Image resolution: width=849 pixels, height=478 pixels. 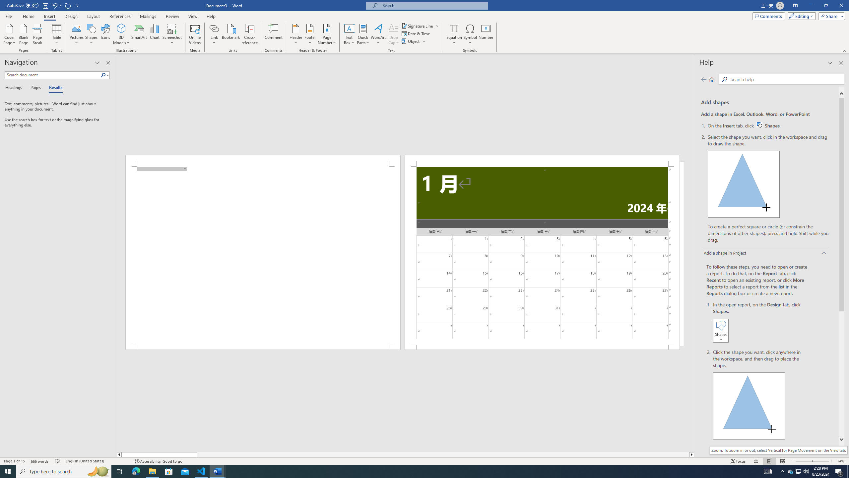 What do you see at coordinates (57, 34) in the screenshot?
I see `'Table'` at bounding box center [57, 34].